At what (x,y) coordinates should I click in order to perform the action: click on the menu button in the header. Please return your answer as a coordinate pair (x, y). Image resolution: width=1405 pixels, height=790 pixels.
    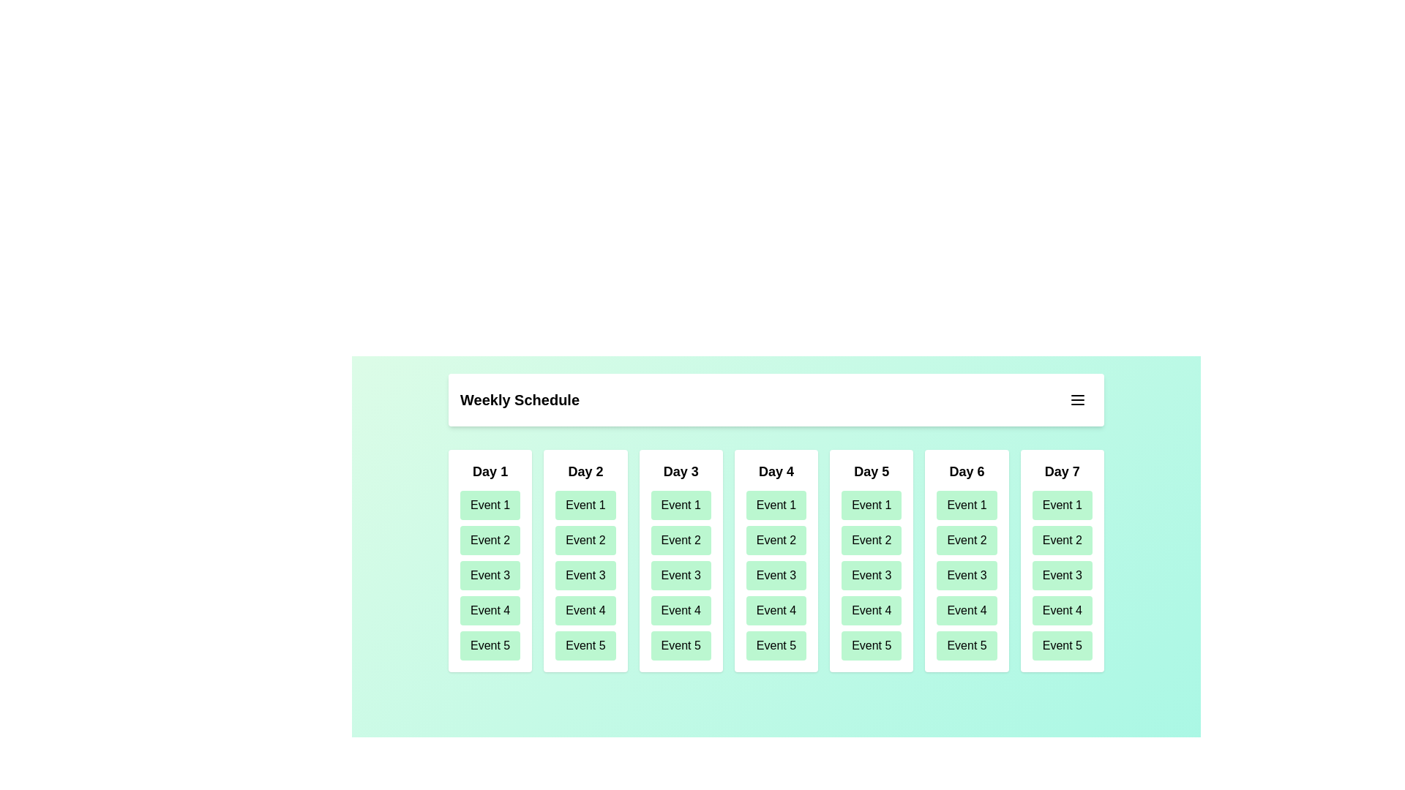
    Looking at the image, I should click on (1078, 400).